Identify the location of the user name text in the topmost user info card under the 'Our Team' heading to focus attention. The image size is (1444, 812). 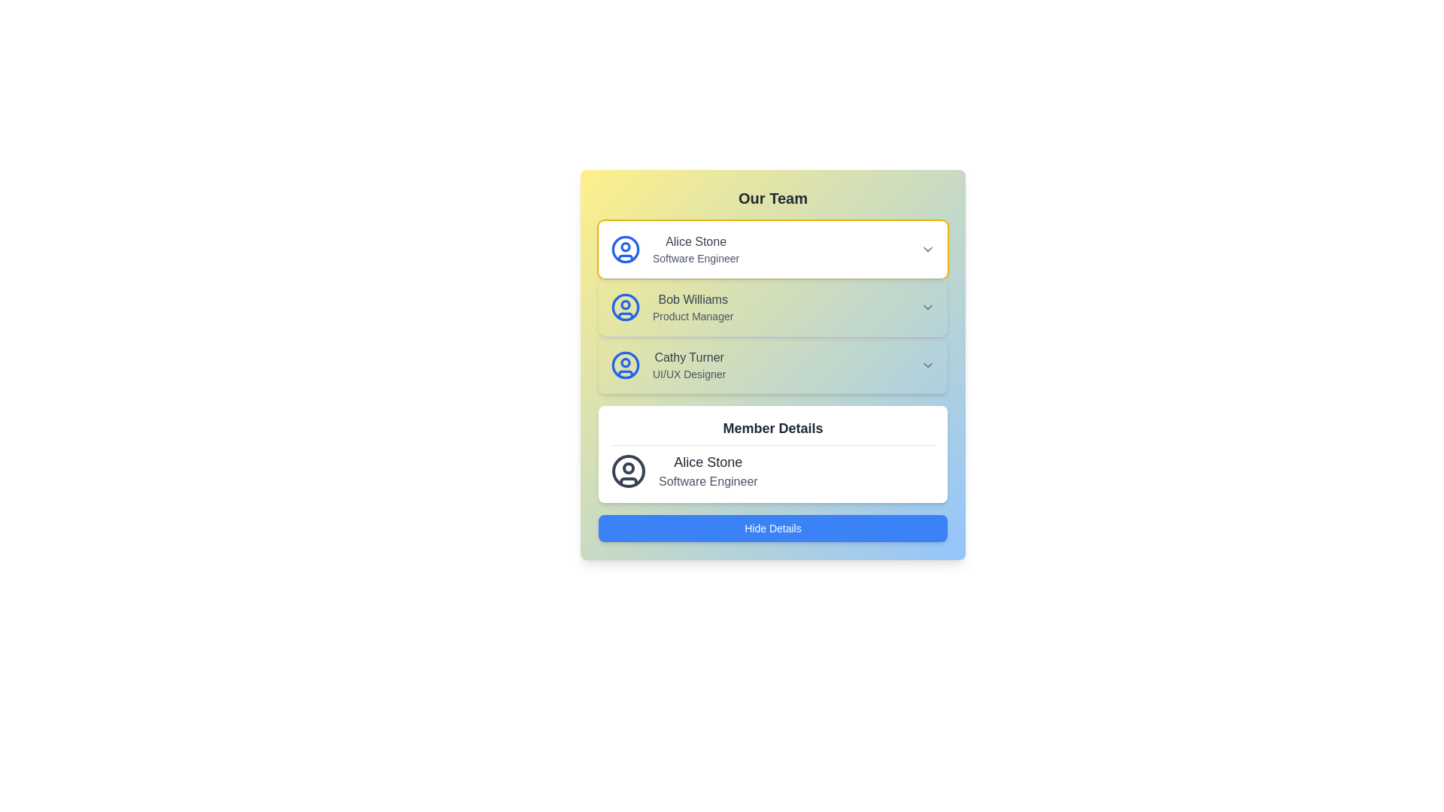
(695, 241).